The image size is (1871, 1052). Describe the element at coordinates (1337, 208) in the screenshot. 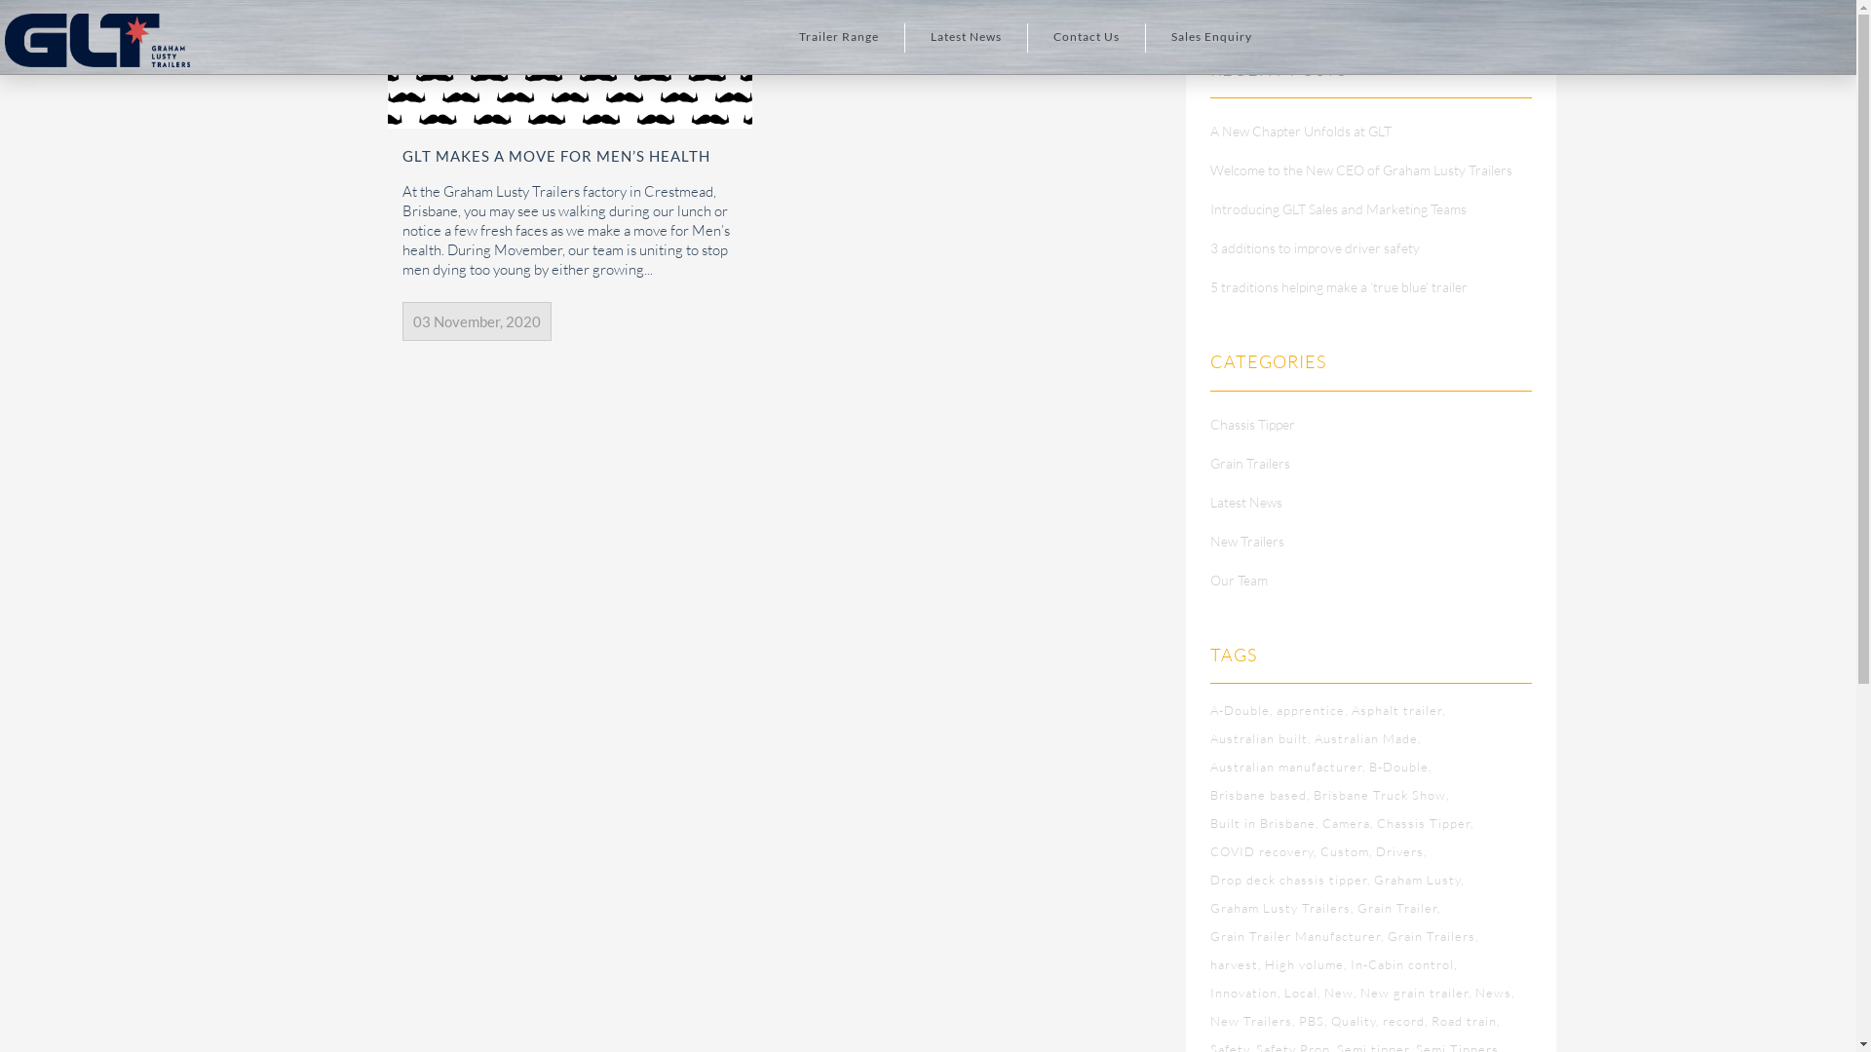

I see `'Introducing GLT Sales and Marketing Teams'` at that location.